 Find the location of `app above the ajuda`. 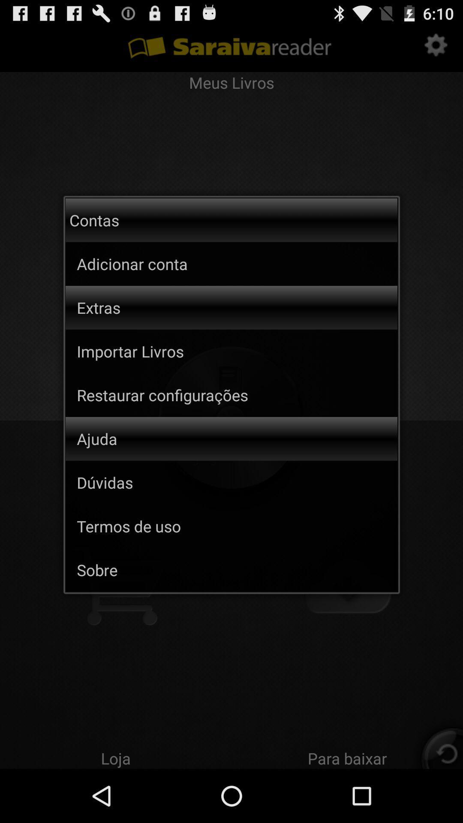

app above the ajuda is located at coordinates (237, 394).